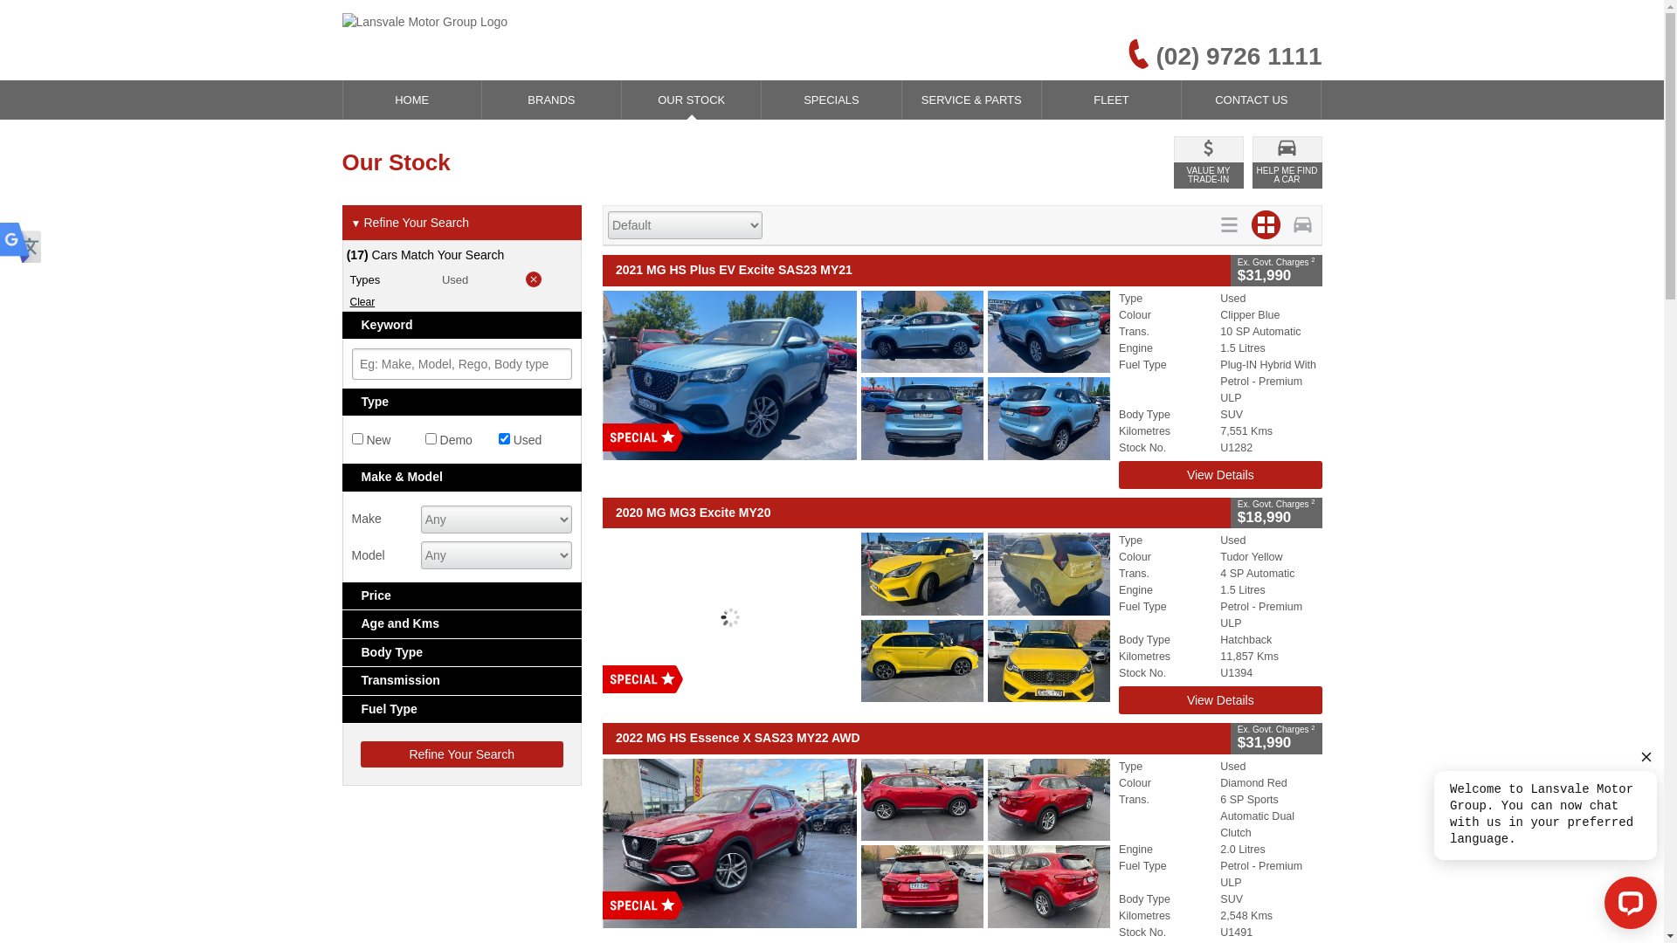 The width and height of the screenshot is (1677, 943). Describe the element at coordinates (462, 402) in the screenshot. I see `'Type'` at that location.